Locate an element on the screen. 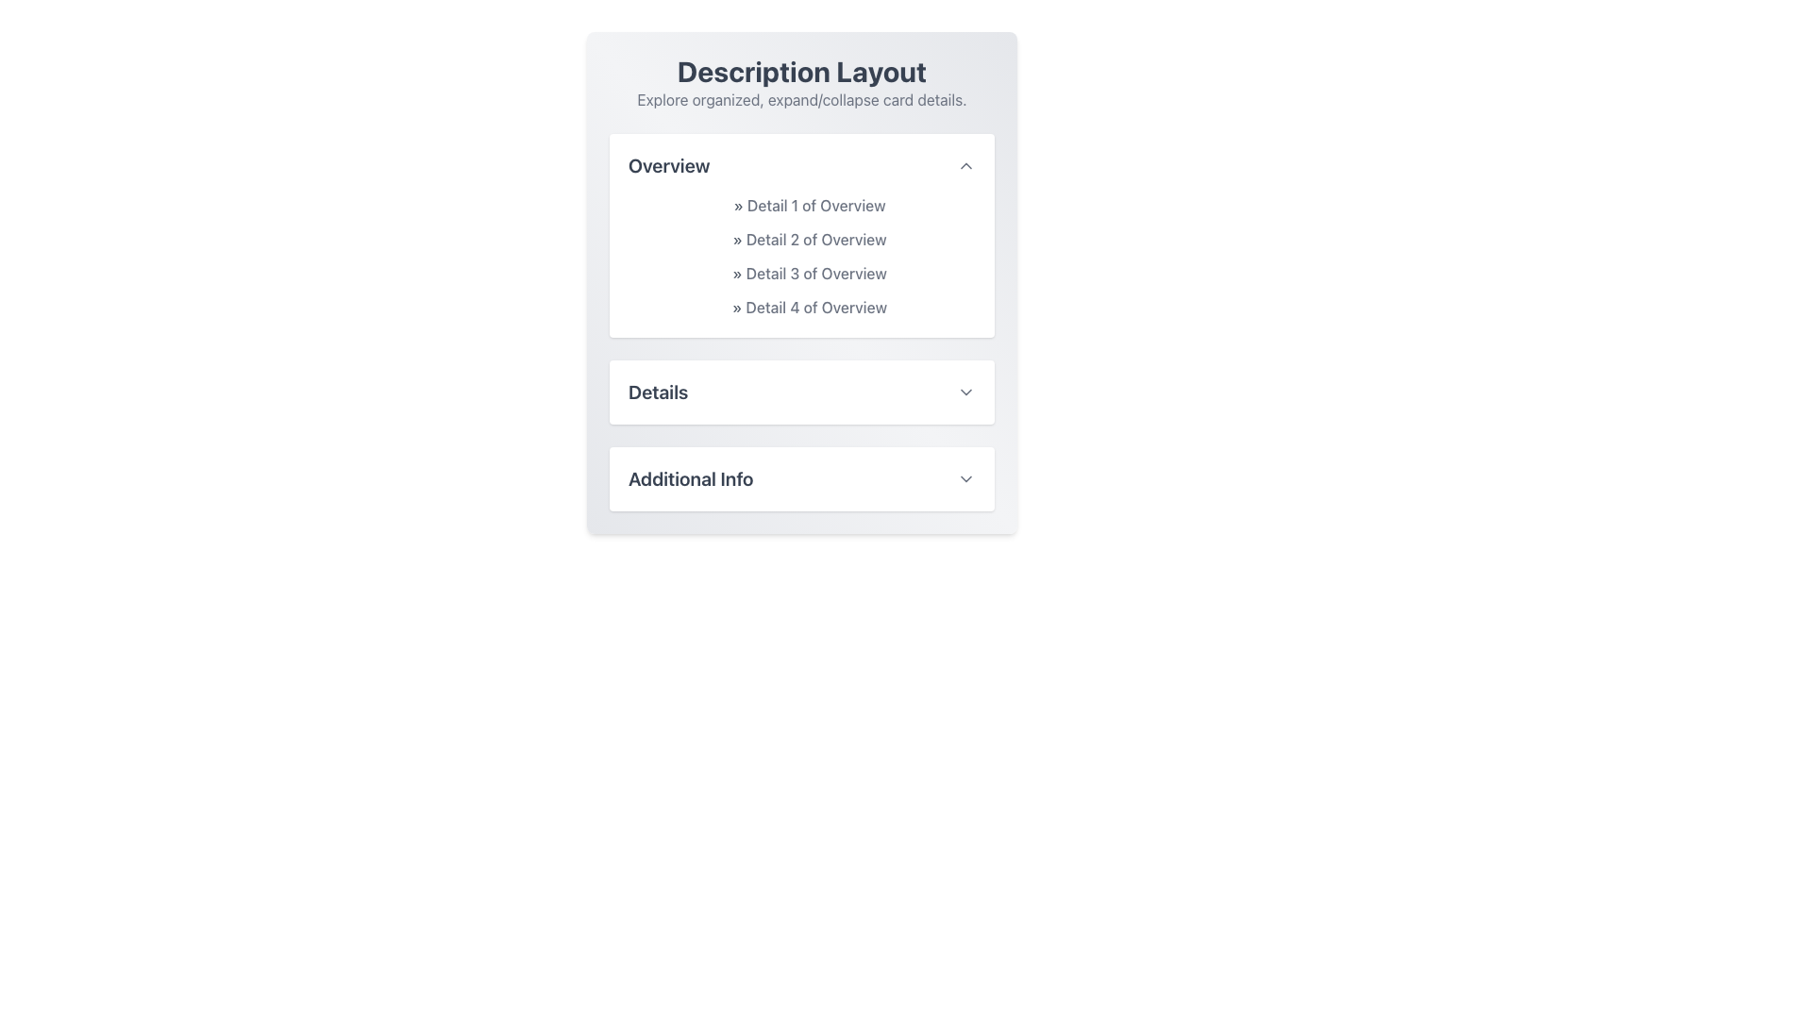 The width and height of the screenshot is (1812, 1019). the first text label or heading in the 'Overview' section, which categorizes or identifies a sub-section within that context is located at coordinates (801, 206).